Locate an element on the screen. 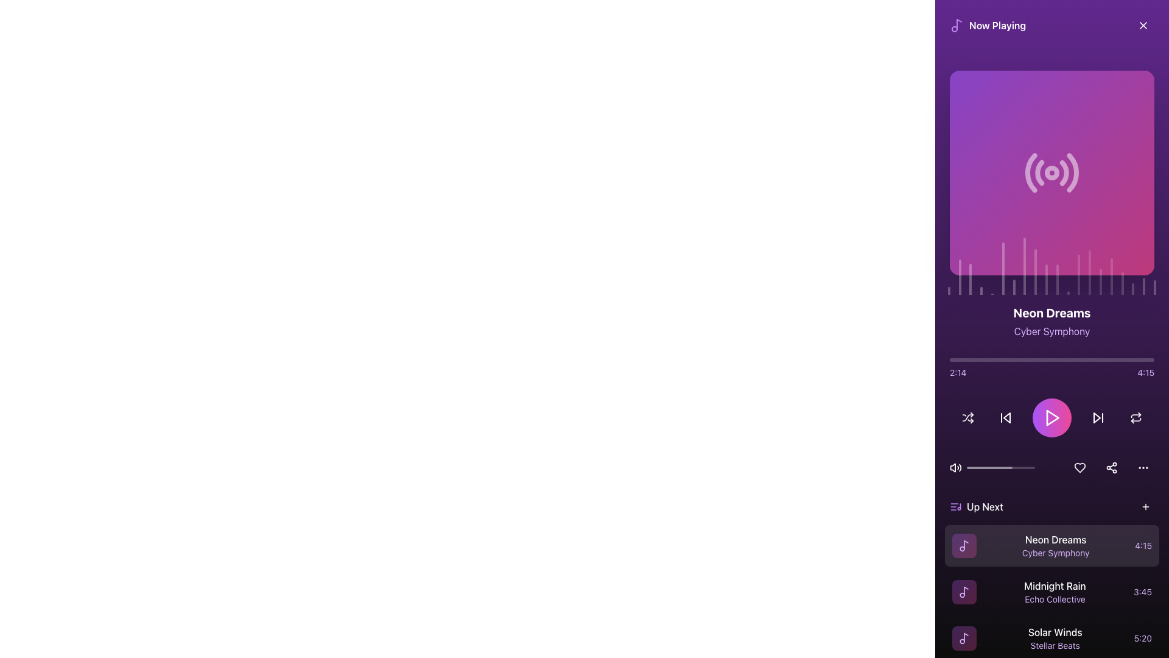 This screenshot has width=1169, height=658. the first entry in the 'Up Next' list to play the song is located at coordinates (1051, 545).